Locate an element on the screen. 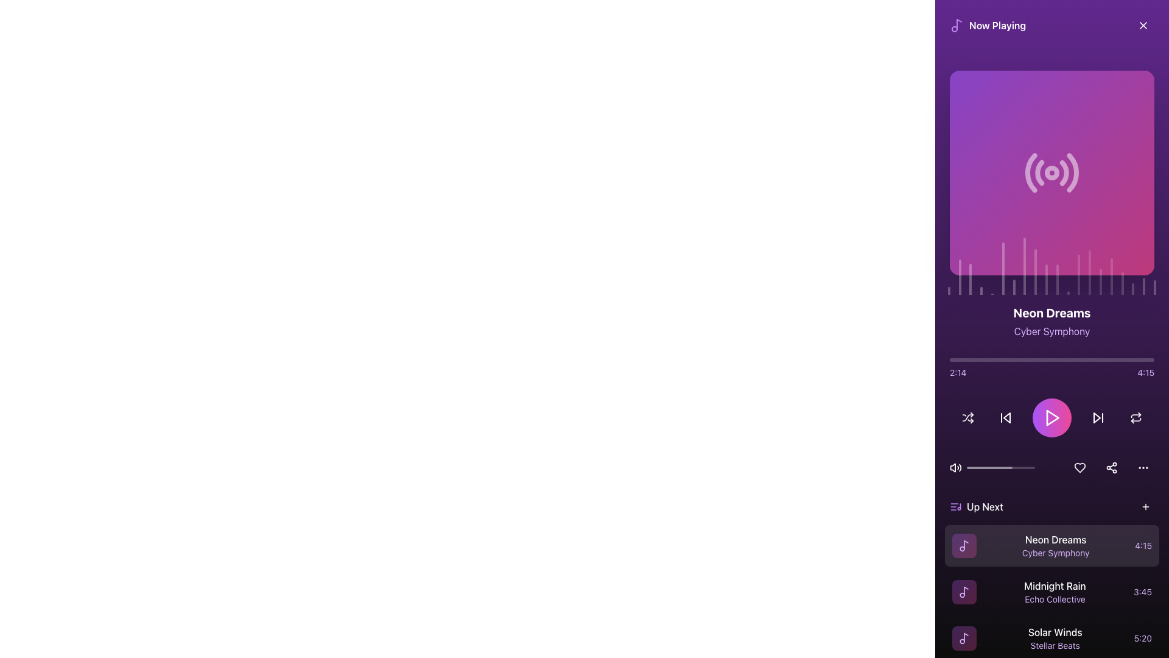 This screenshot has width=1169, height=658. the first entry in the 'Up Next' list to play the song is located at coordinates (1051, 545).